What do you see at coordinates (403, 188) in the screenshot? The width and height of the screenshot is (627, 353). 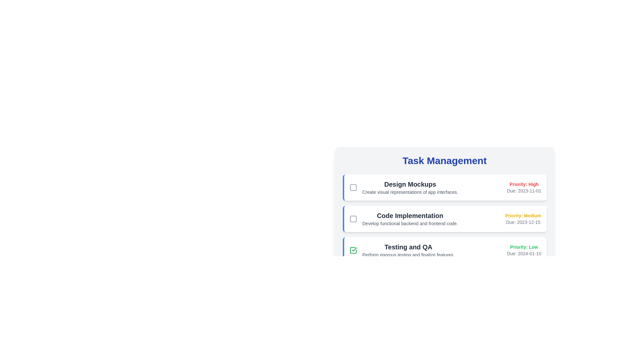 I see `the task item named 'Design Mockups'` at bounding box center [403, 188].